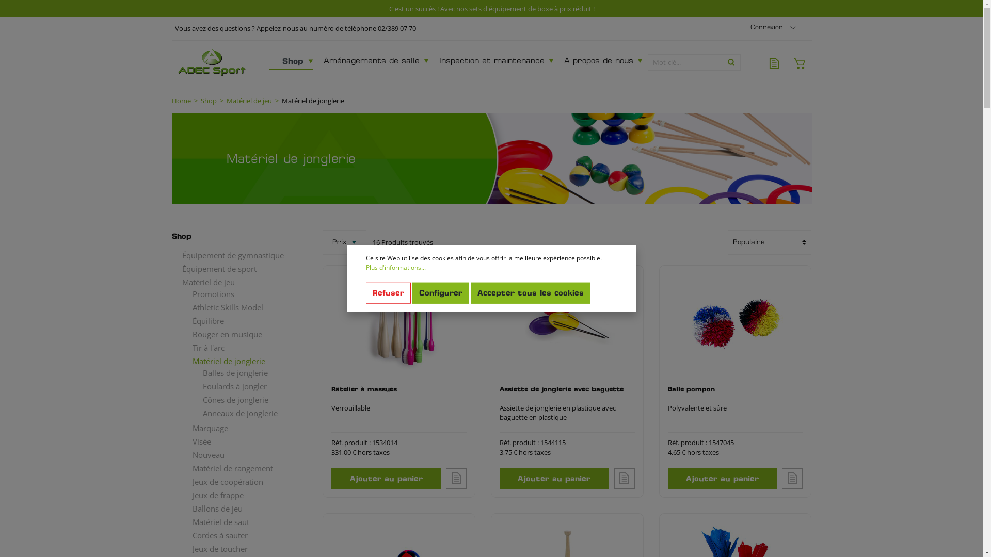 Image resolution: width=991 pixels, height=557 pixels. I want to click on 'Prix', so click(344, 242).